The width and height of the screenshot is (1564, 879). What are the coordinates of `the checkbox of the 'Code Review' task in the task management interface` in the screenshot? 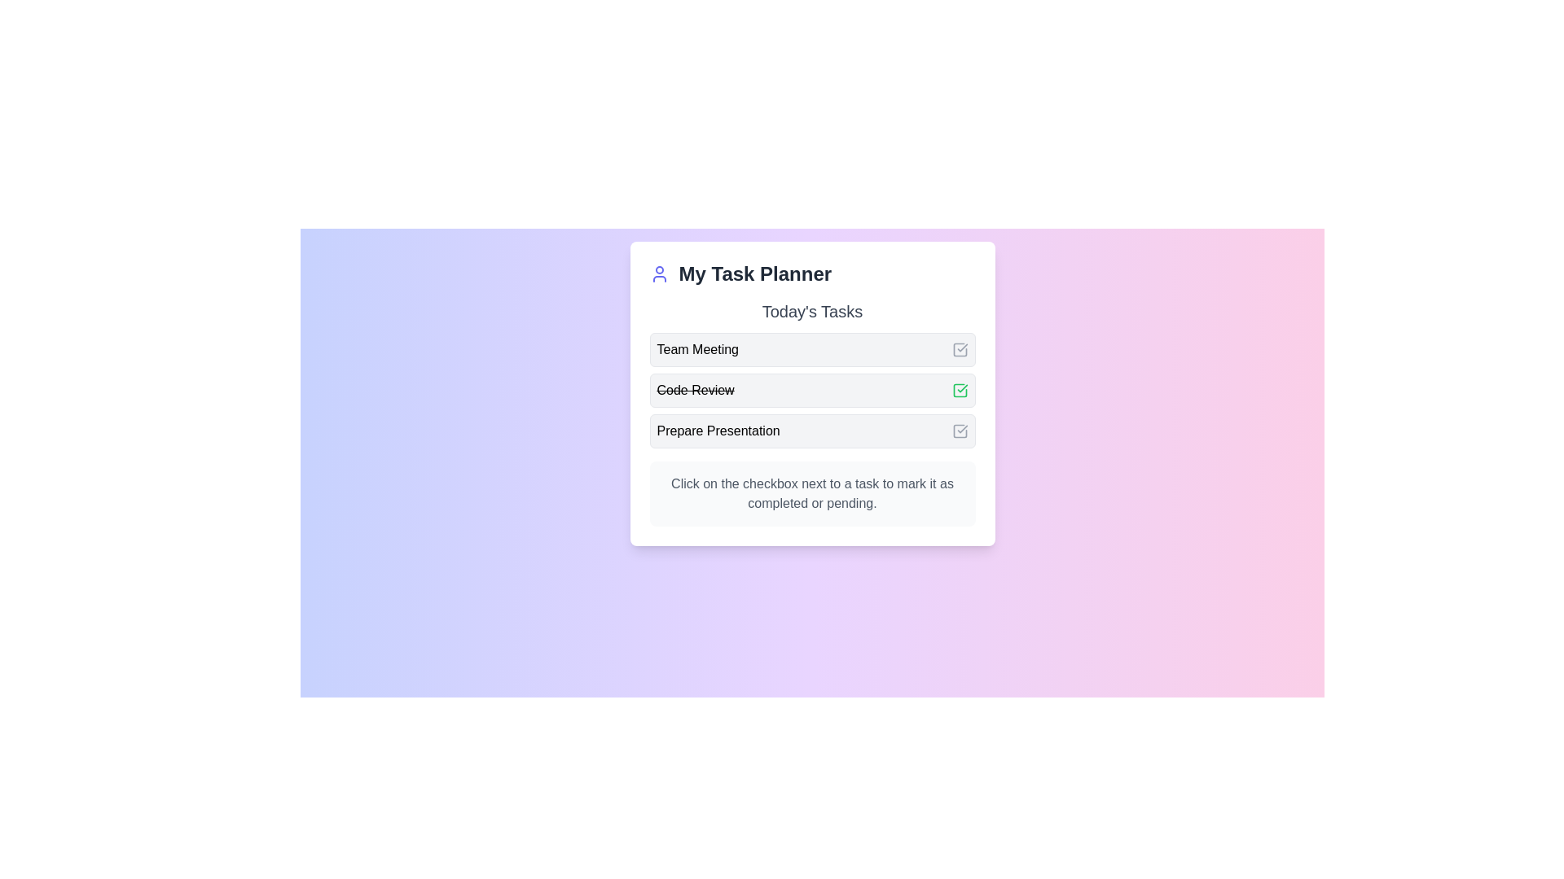 It's located at (812, 390).